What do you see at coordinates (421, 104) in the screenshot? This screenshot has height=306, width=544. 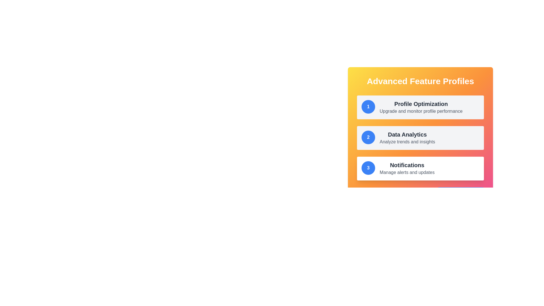 I see `the text element displaying the title 'Profile Optimization' which is a bold and large font, dark gray in color, positioned near the top of the panel and part of a structured list of features` at bounding box center [421, 104].